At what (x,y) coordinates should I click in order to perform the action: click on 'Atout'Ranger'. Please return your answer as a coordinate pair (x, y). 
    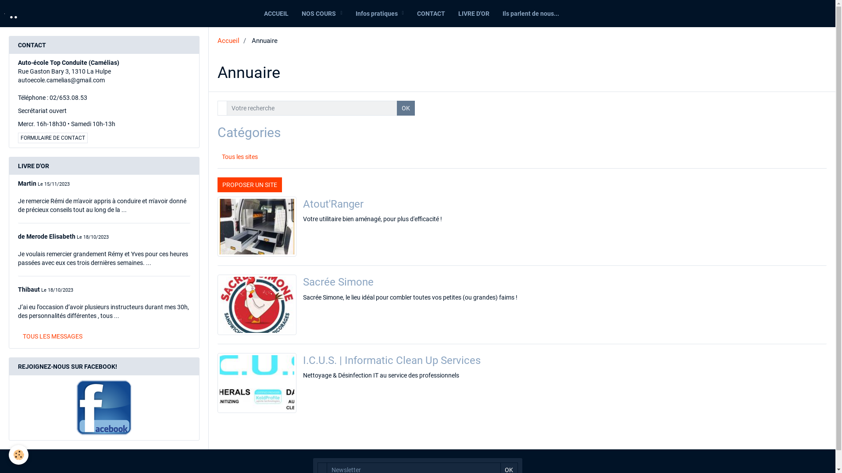
    Looking at the image, I should click on (332, 204).